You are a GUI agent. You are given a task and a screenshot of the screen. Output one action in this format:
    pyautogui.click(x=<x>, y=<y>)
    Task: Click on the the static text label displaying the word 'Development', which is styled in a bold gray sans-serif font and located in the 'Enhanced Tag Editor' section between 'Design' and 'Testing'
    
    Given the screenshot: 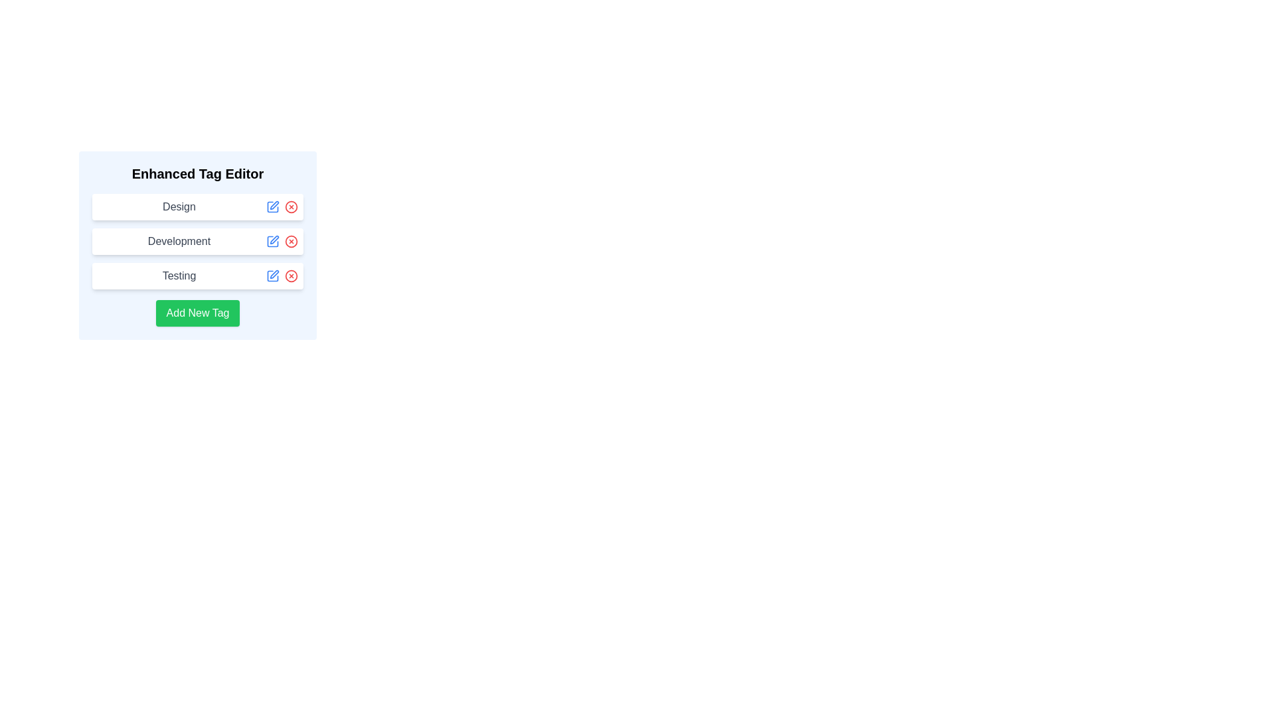 What is the action you would take?
    pyautogui.click(x=178, y=241)
    